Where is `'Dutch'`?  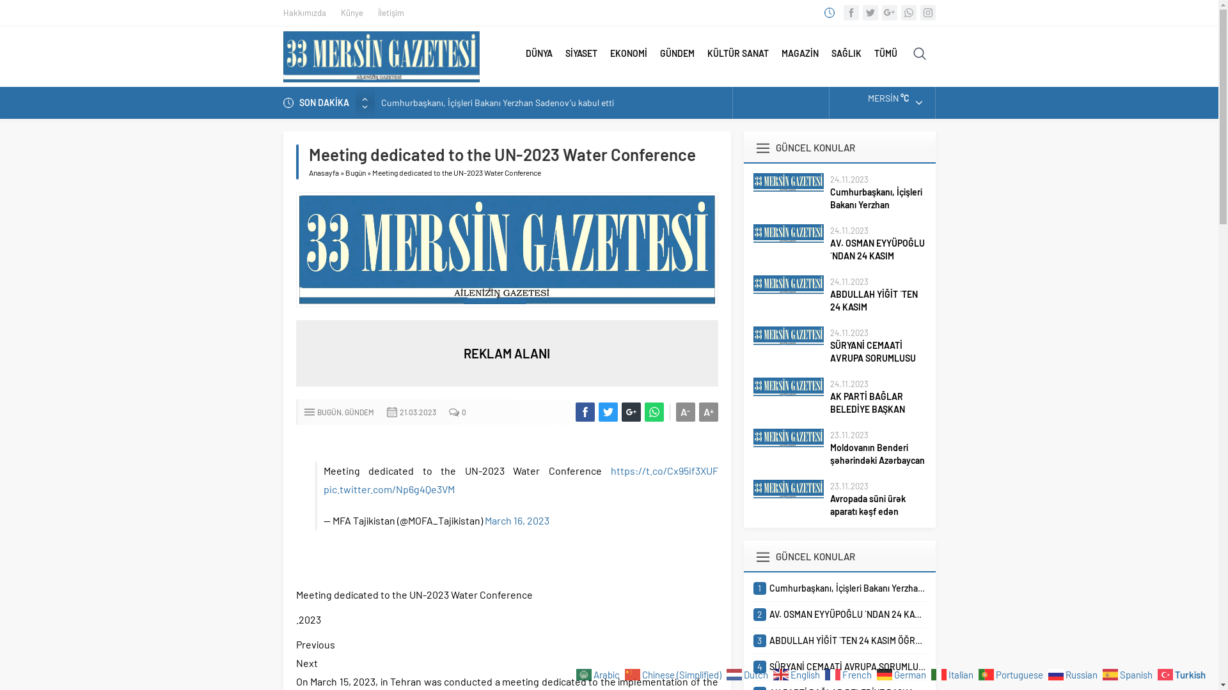 'Dutch' is located at coordinates (749, 673).